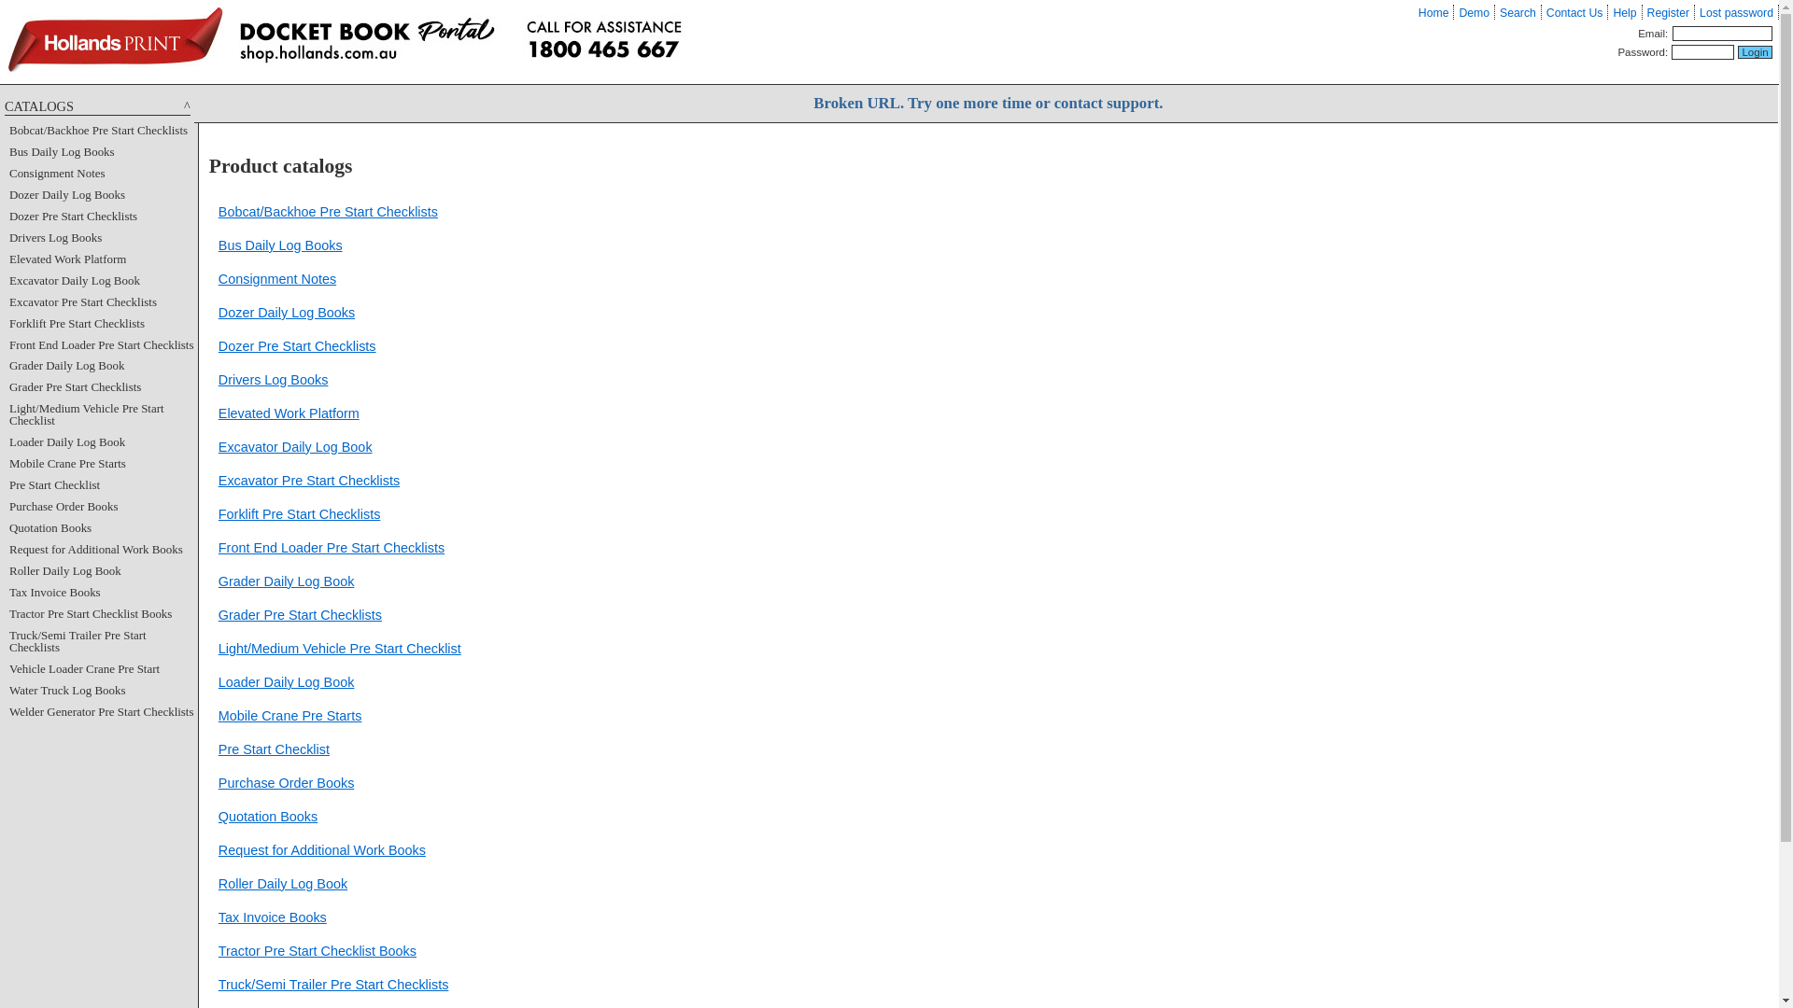 The width and height of the screenshot is (1793, 1008). Describe the element at coordinates (286, 581) in the screenshot. I see `'Grader Daily Log Book'` at that location.